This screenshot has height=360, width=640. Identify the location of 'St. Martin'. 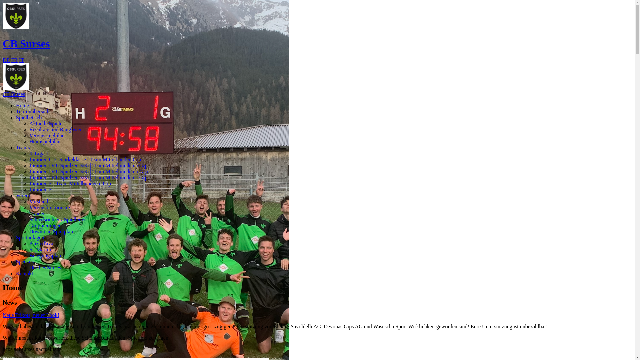
(40, 249).